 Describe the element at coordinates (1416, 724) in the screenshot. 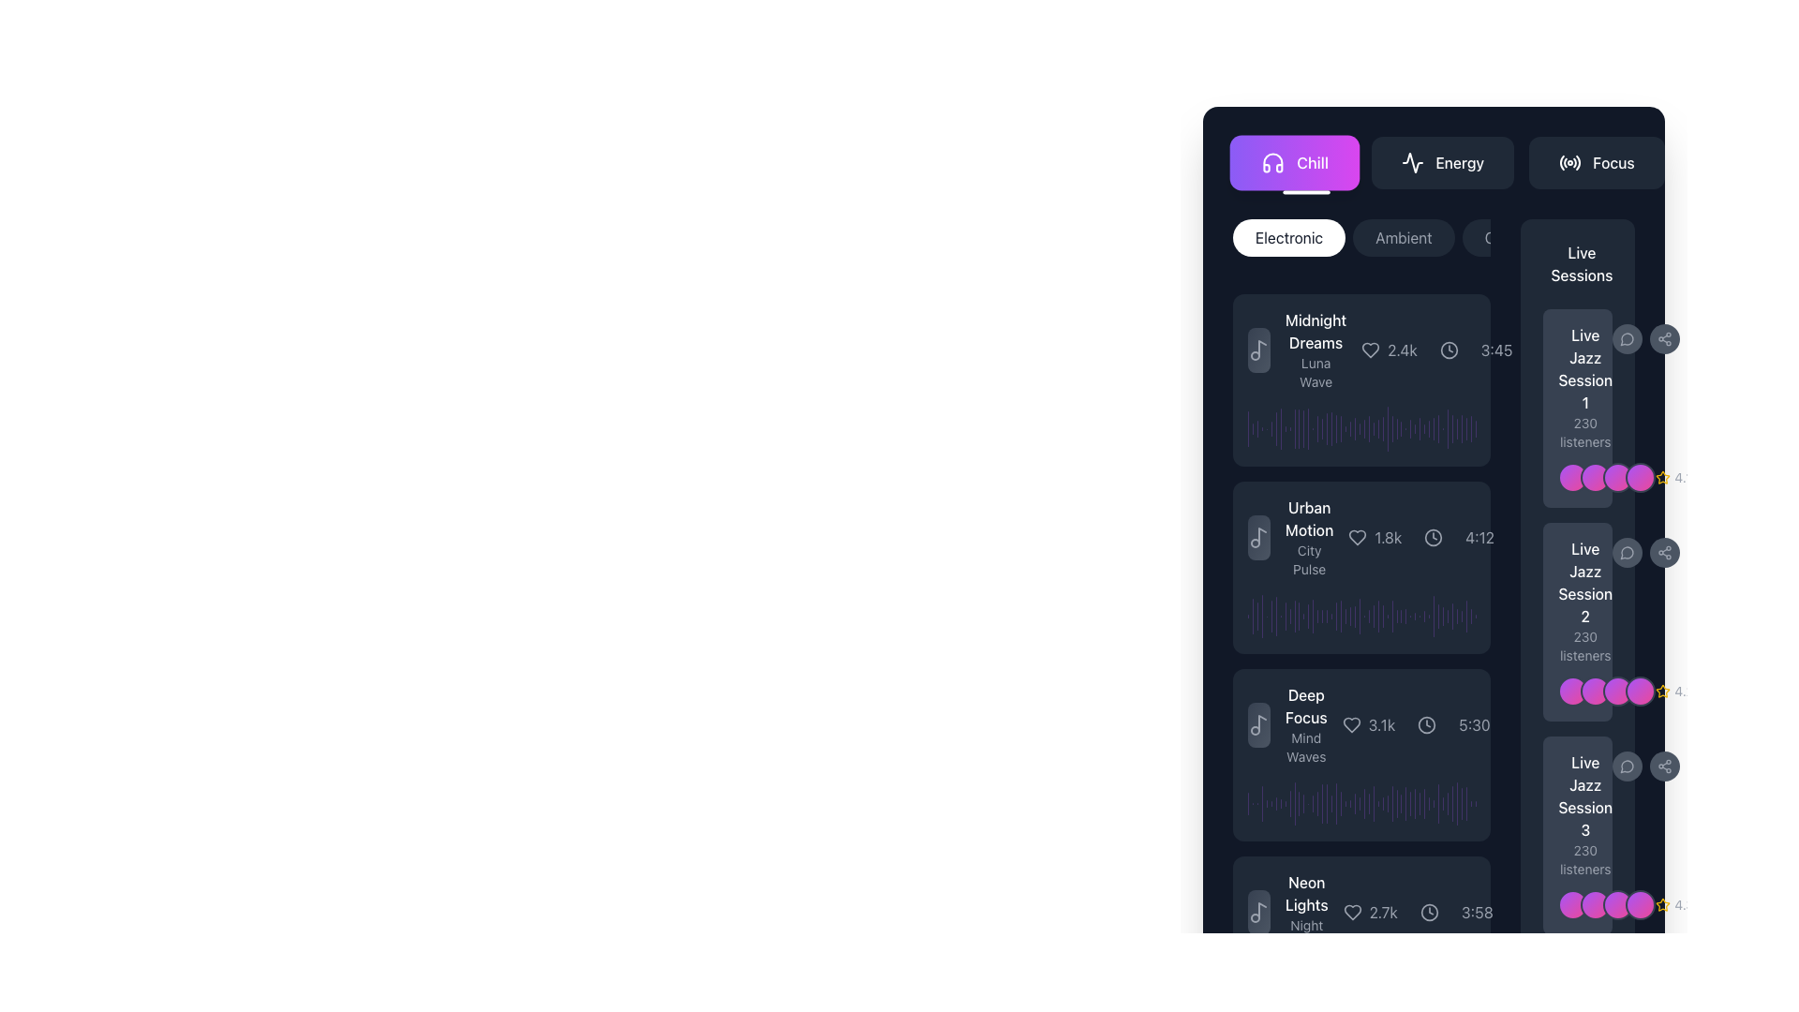

I see `the like count, represented by the heart icon followed by '3.1k', in the Information display component located below the song title 'Deep Focus' and to the right of the song waveform visualization` at that location.